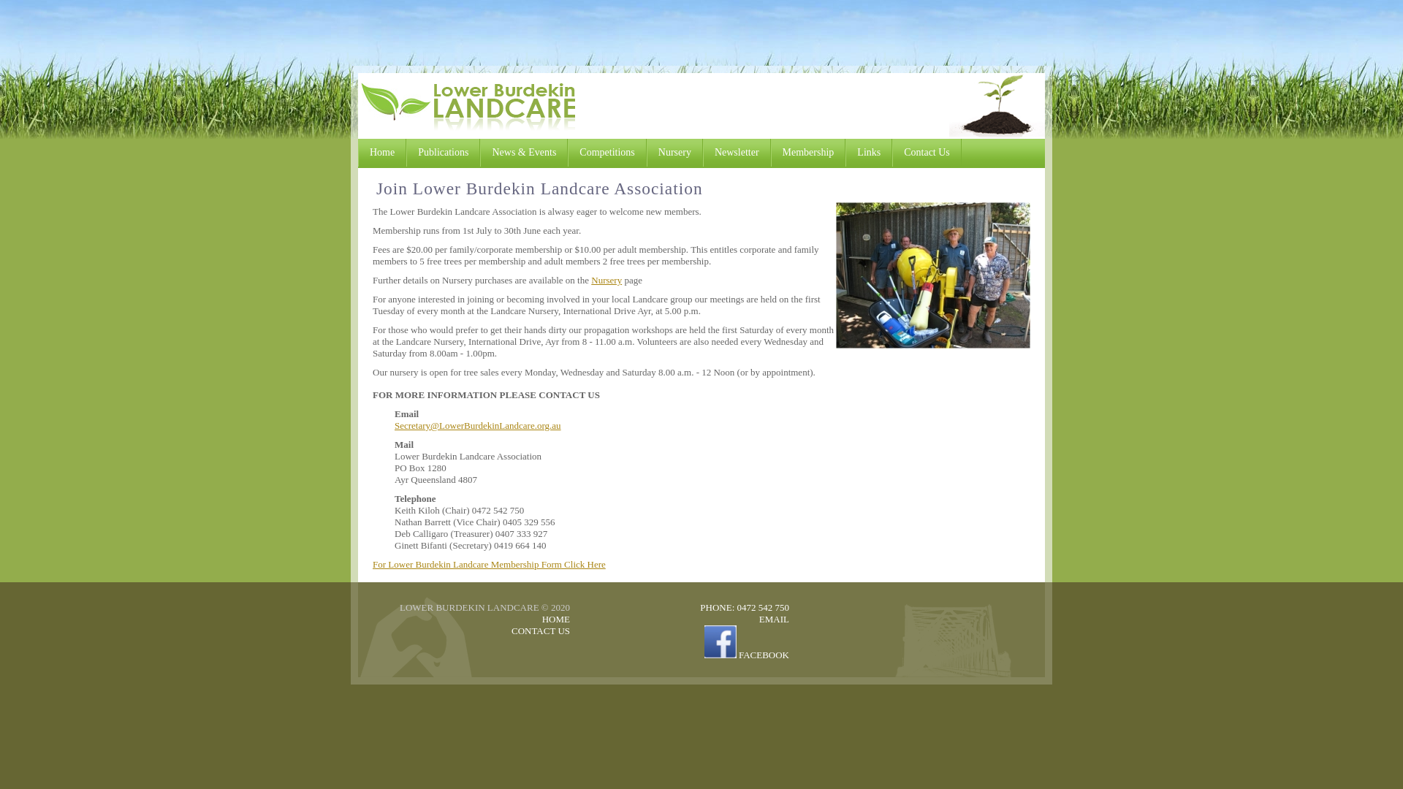 The image size is (1403, 789). What do you see at coordinates (674, 152) in the screenshot?
I see `'Nursery'` at bounding box center [674, 152].